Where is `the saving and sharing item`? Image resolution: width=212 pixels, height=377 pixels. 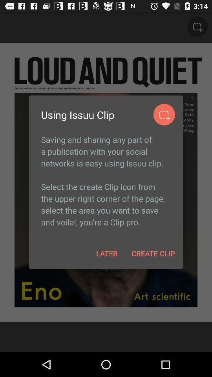 the saving and sharing item is located at coordinates (106, 181).